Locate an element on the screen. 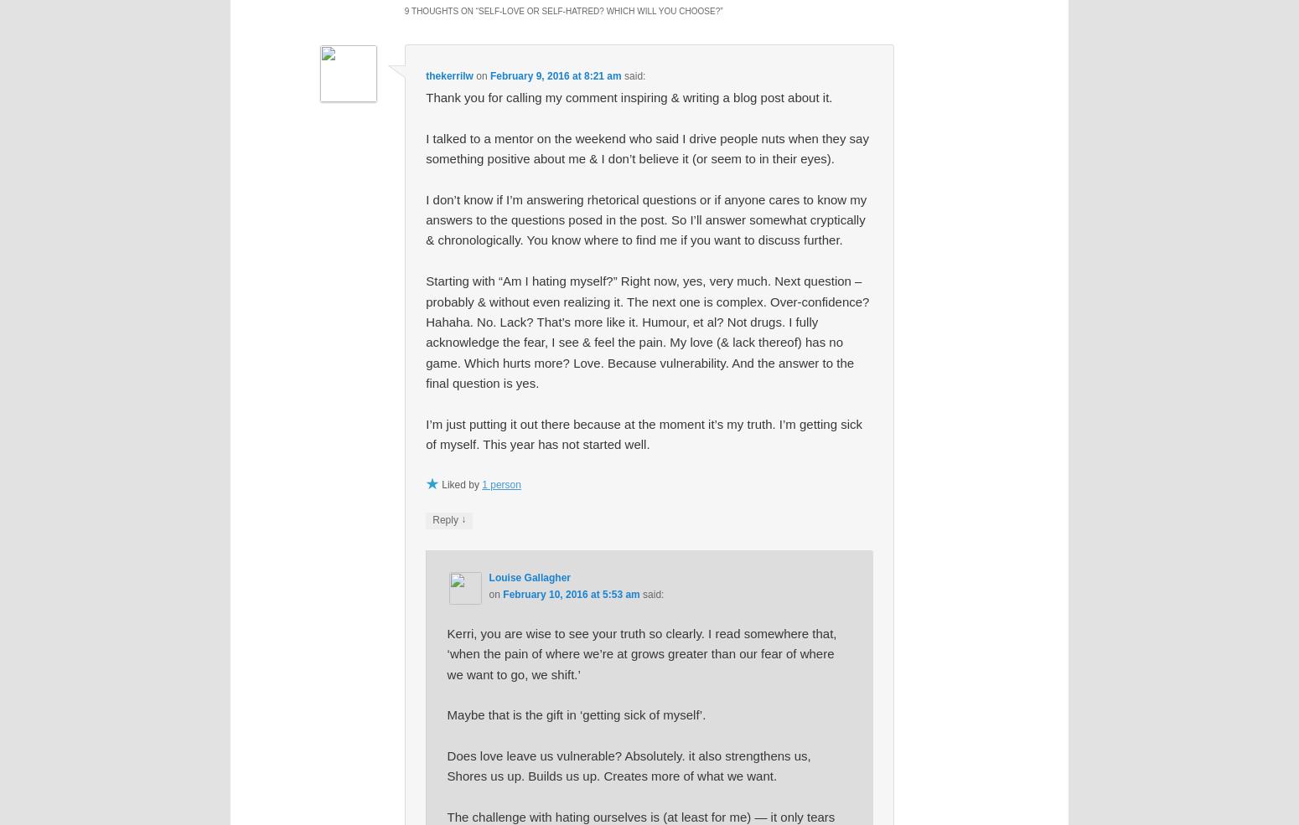 This screenshot has width=1299, height=825. 'Reply' is located at coordinates (446, 519).